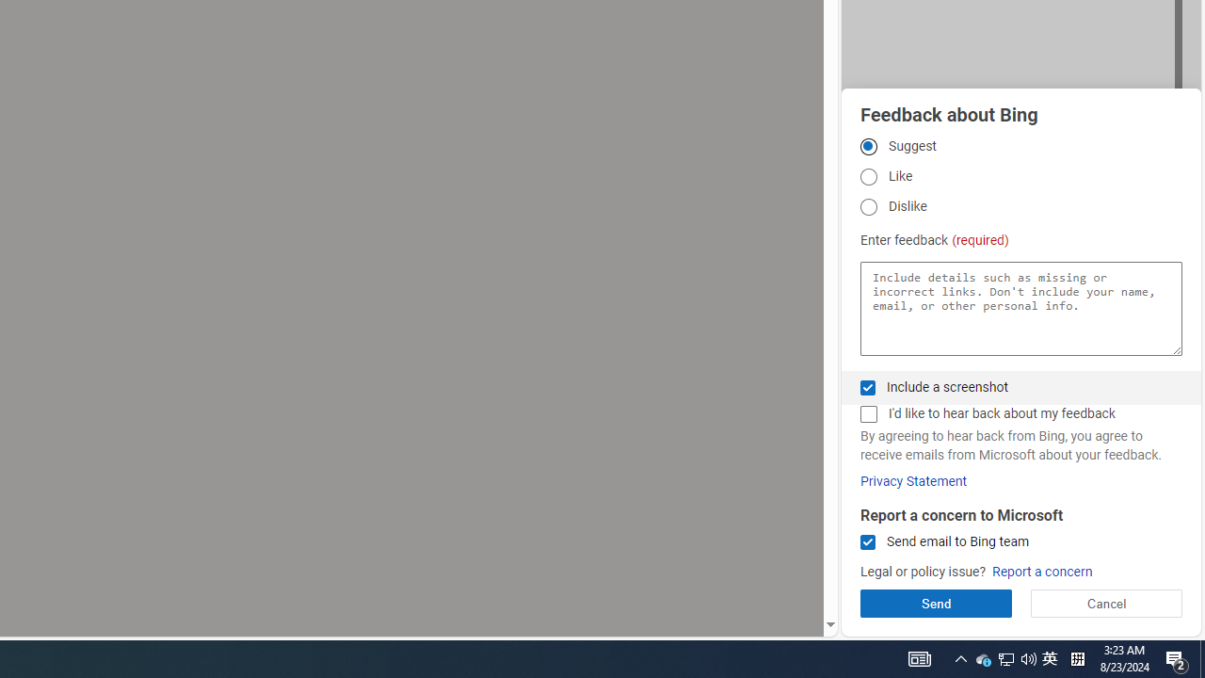 This screenshot has width=1205, height=678. What do you see at coordinates (936, 603) in the screenshot?
I see `'Send'` at bounding box center [936, 603].